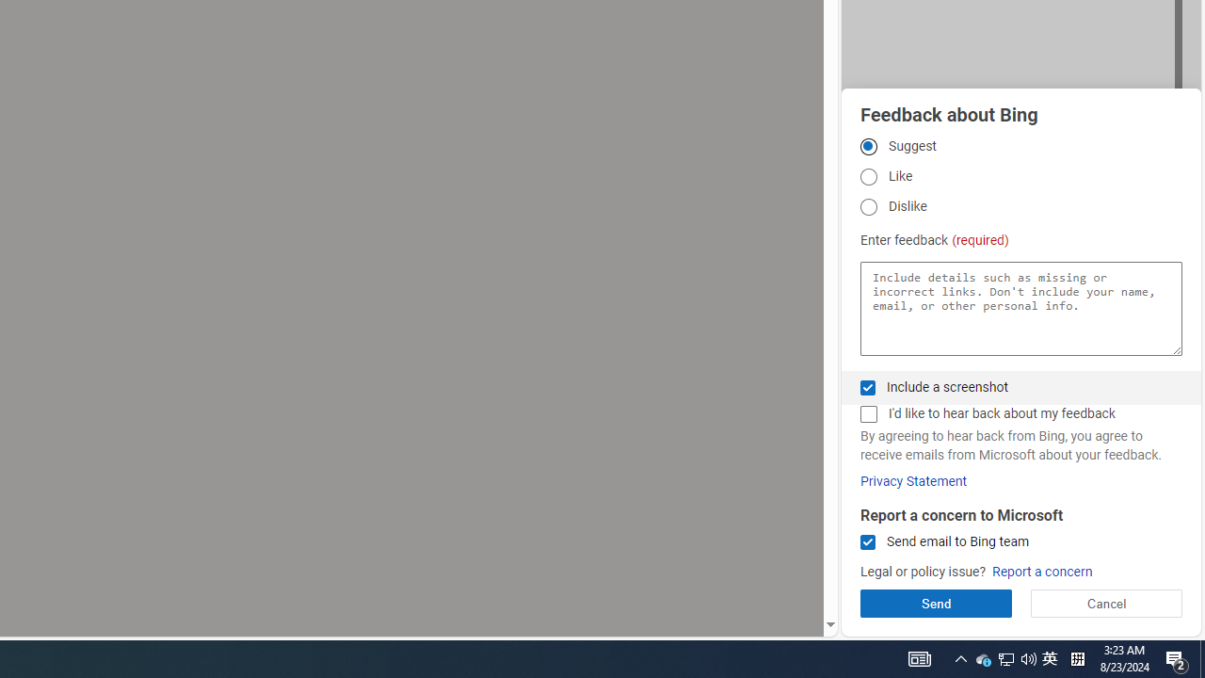 This screenshot has width=1205, height=678. What do you see at coordinates (936, 603) in the screenshot?
I see `'Send'` at bounding box center [936, 603].